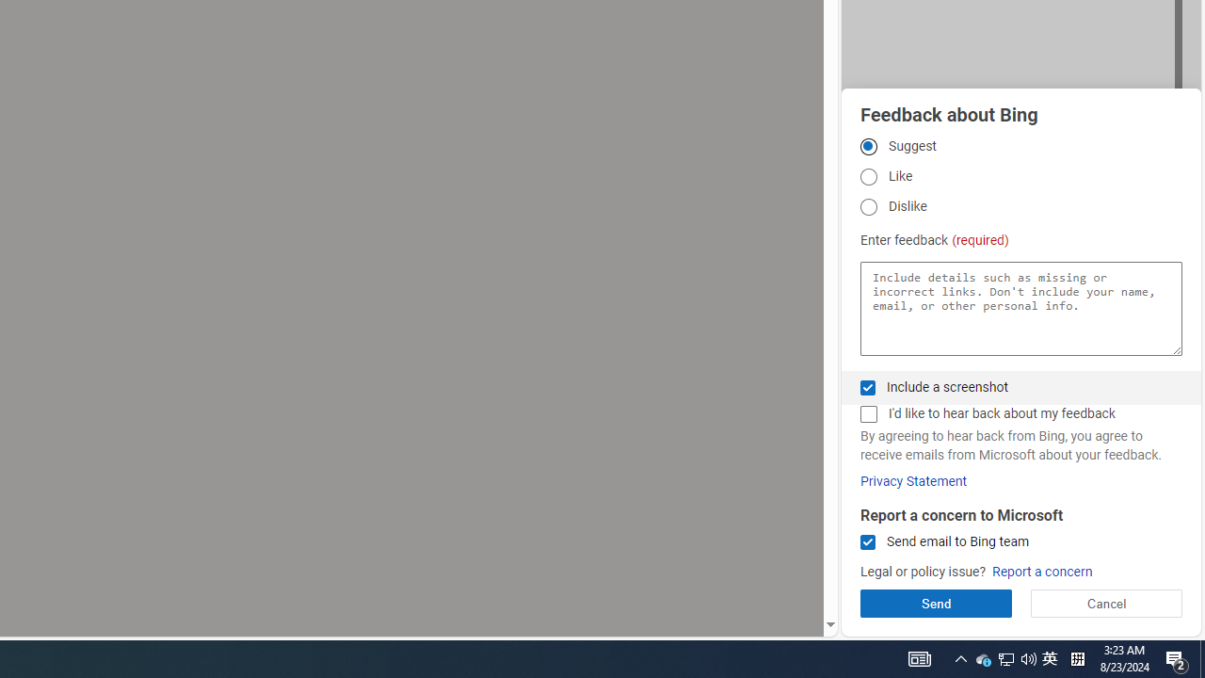 This screenshot has width=1205, height=678. What do you see at coordinates (936, 603) in the screenshot?
I see `'Send'` at bounding box center [936, 603].